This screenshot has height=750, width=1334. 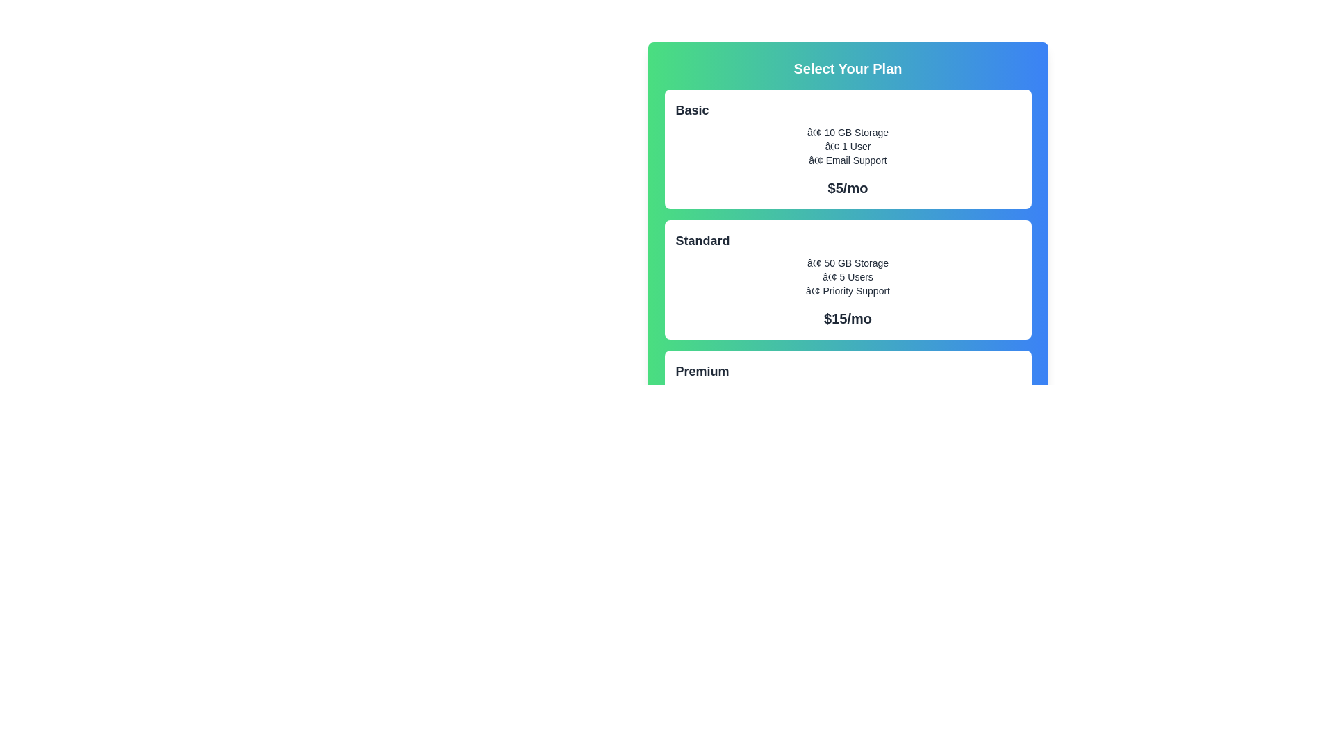 What do you see at coordinates (702, 240) in the screenshot?
I see `the 'Standard' text label, which is bold and large, located below the 'Basic' plan and above the 'Premium' plan on the pricing page` at bounding box center [702, 240].